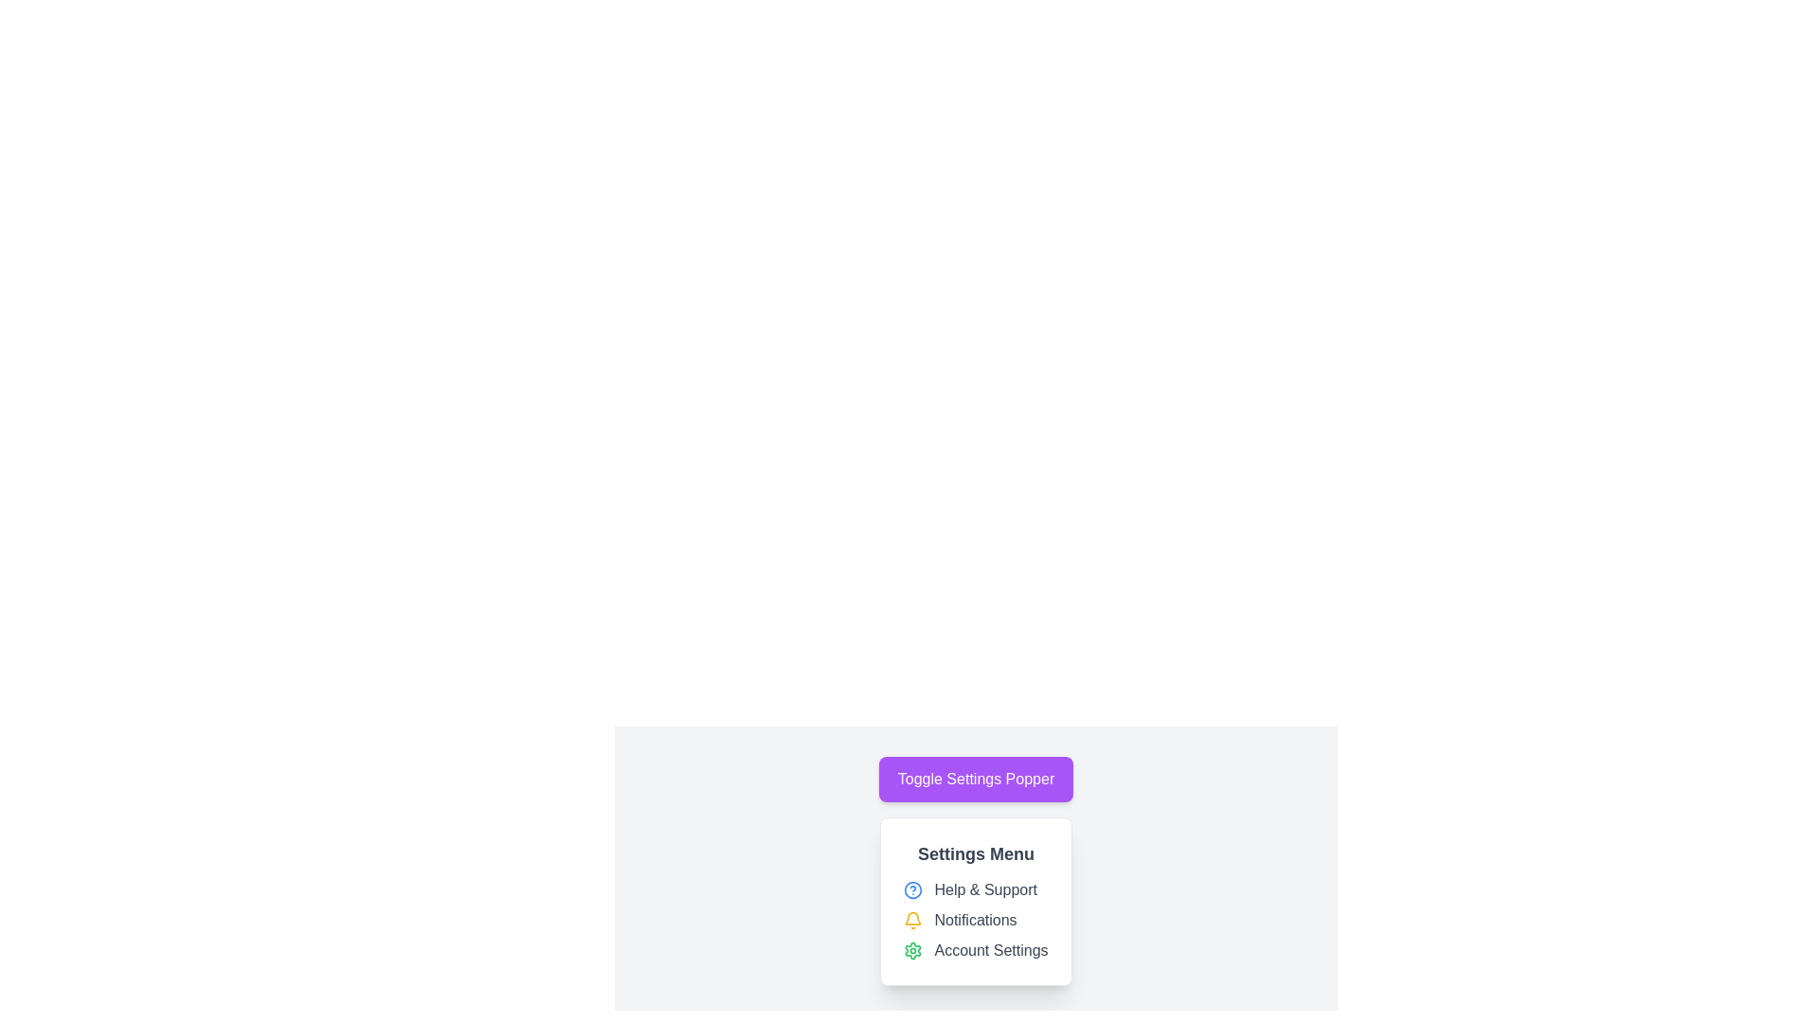 The image size is (1819, 1023). I want to click on the yellow bell-shaped icon in the Notifications section of the pop-up menu, so click(913, 920).